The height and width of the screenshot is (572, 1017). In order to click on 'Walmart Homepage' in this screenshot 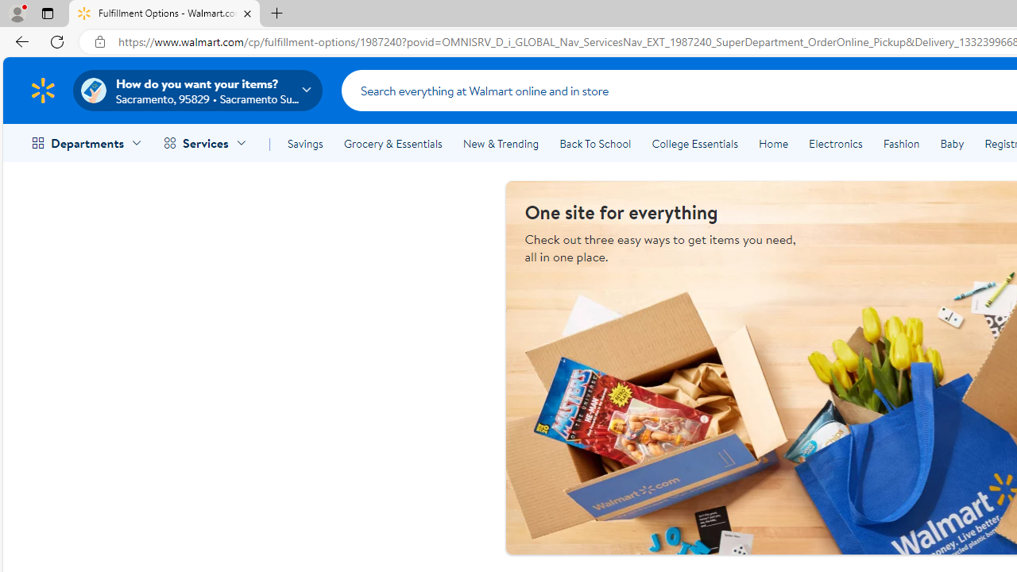, I will do `click(42, 90)`.